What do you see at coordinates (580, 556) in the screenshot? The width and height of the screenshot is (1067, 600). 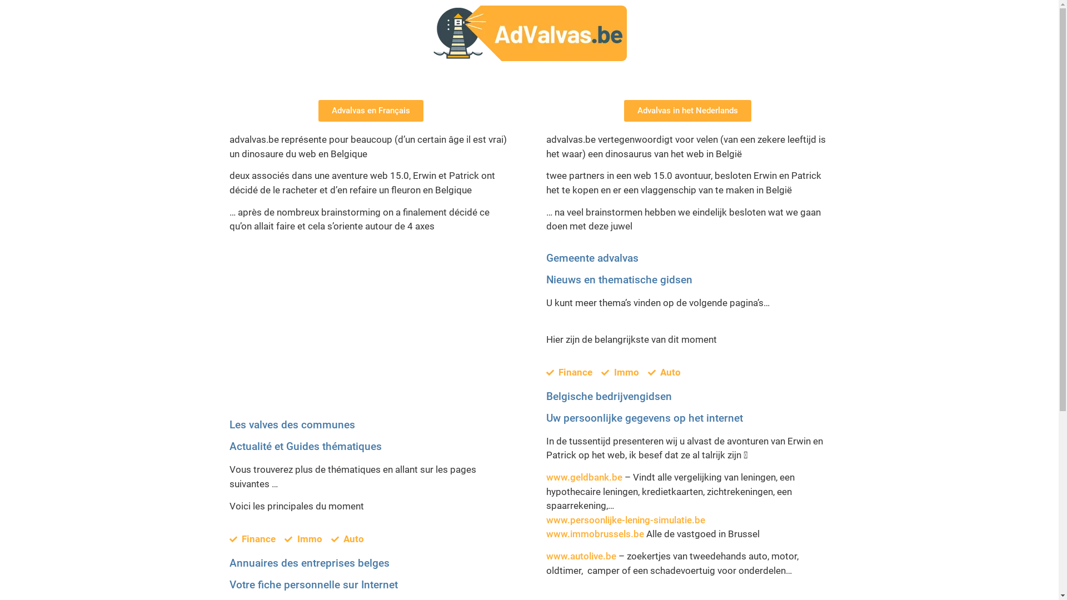 I see `'www.autolive.be'` at bounding box center [580, 556].